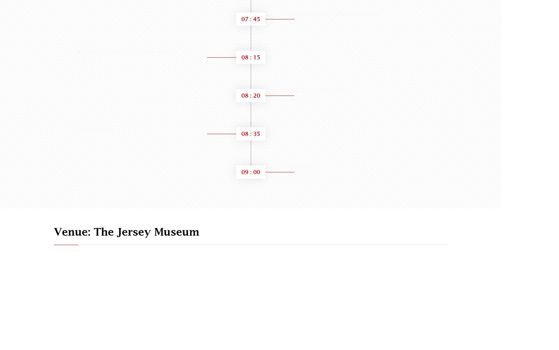 The image size is (559, 350). What do you see at coordinates (241, 172) in the screenshot?
I see `'09 : 00'` at bounding box center [241, 172].